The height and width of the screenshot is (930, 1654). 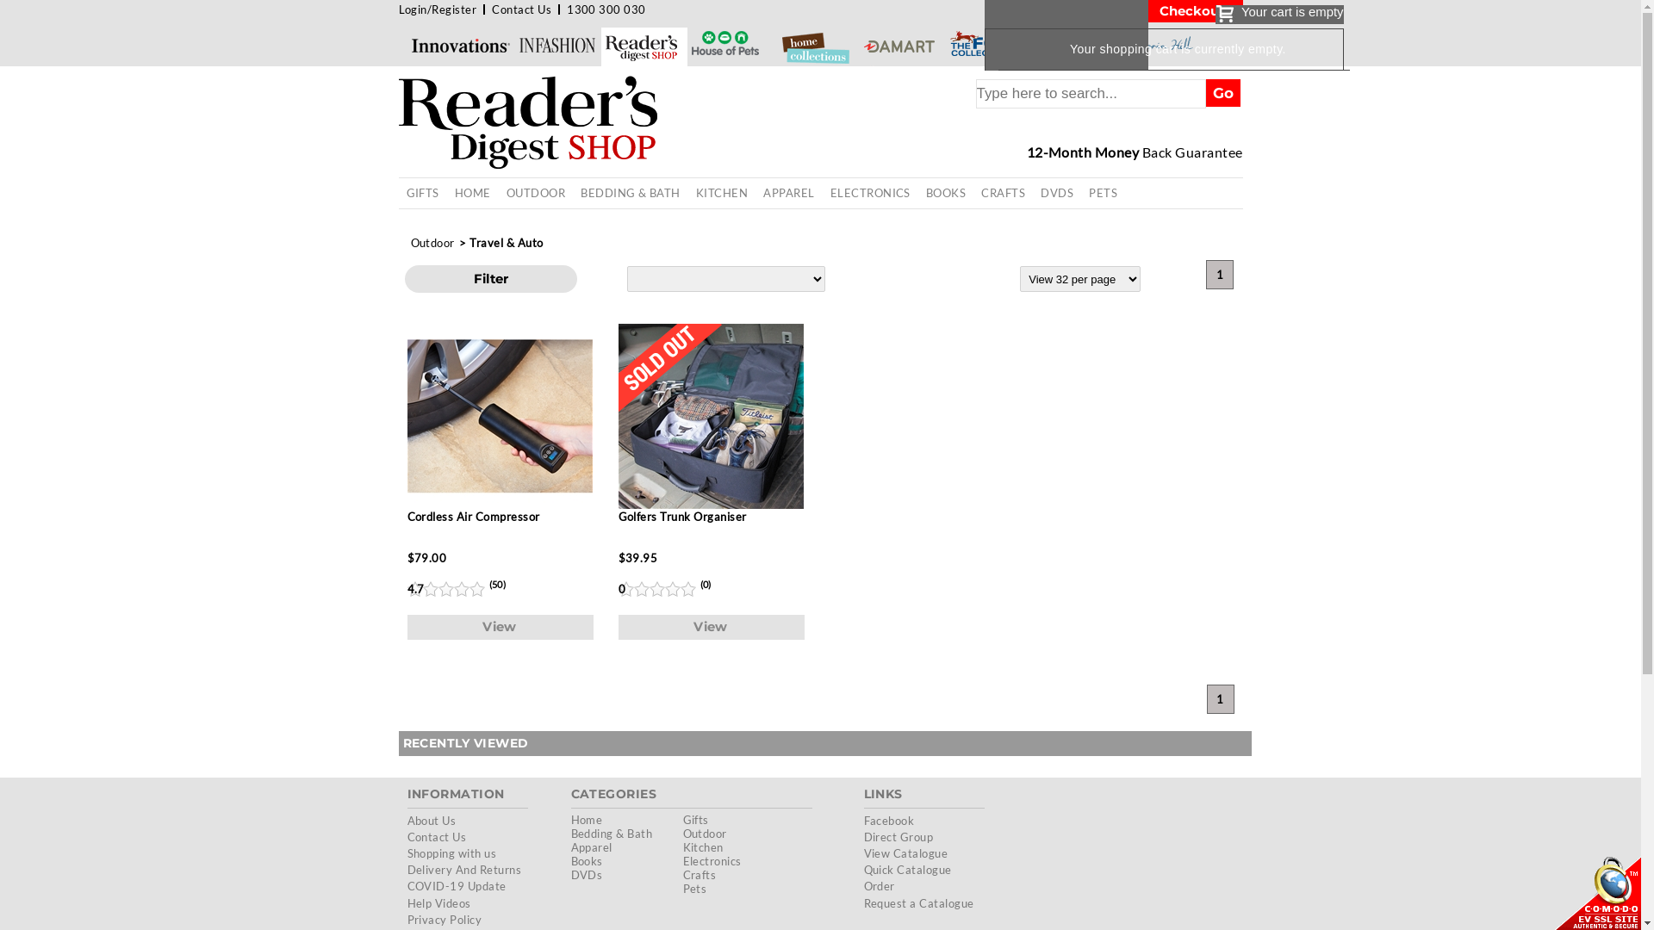 I want to click on 'Checkout >', so click(x=1194, y=10).